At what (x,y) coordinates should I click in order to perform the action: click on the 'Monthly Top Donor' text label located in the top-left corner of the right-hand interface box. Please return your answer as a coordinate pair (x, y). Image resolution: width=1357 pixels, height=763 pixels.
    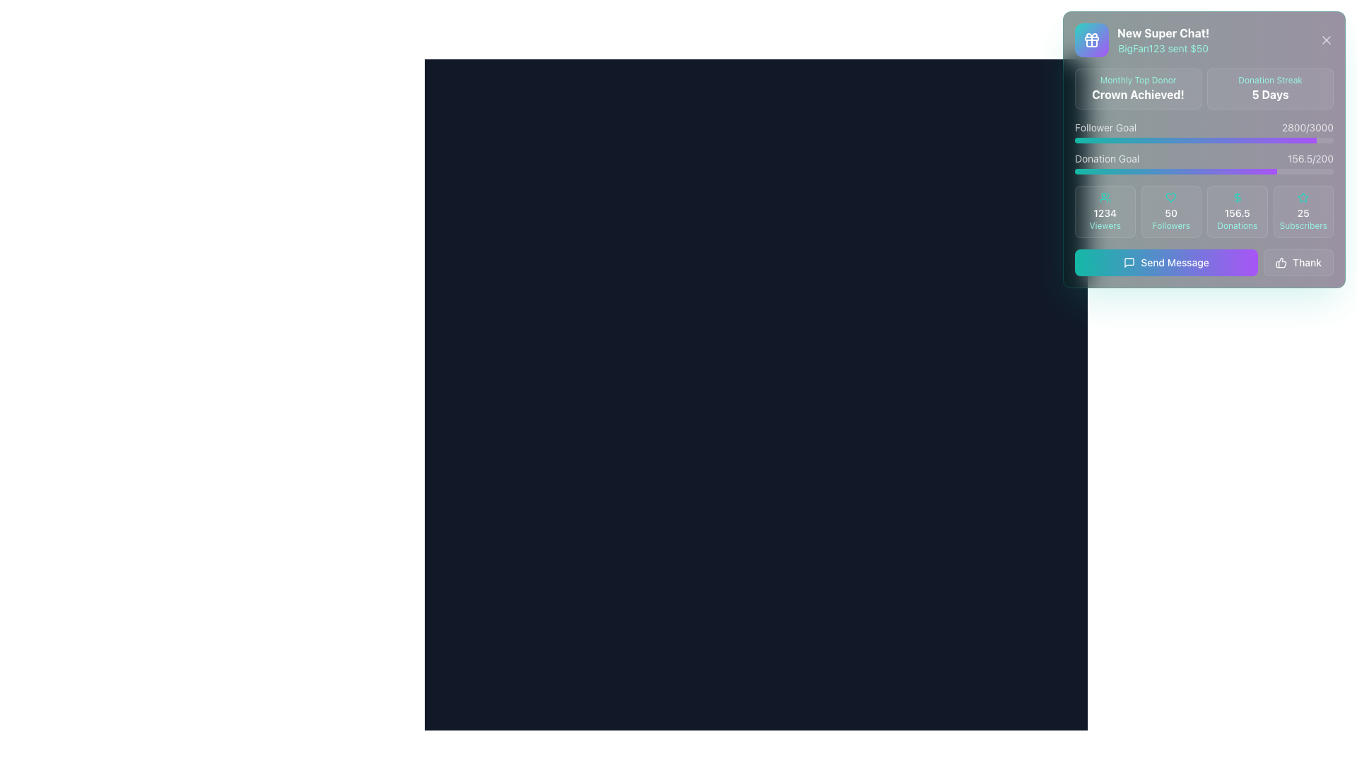
    Looking at the image, I should click on (1138, 89).